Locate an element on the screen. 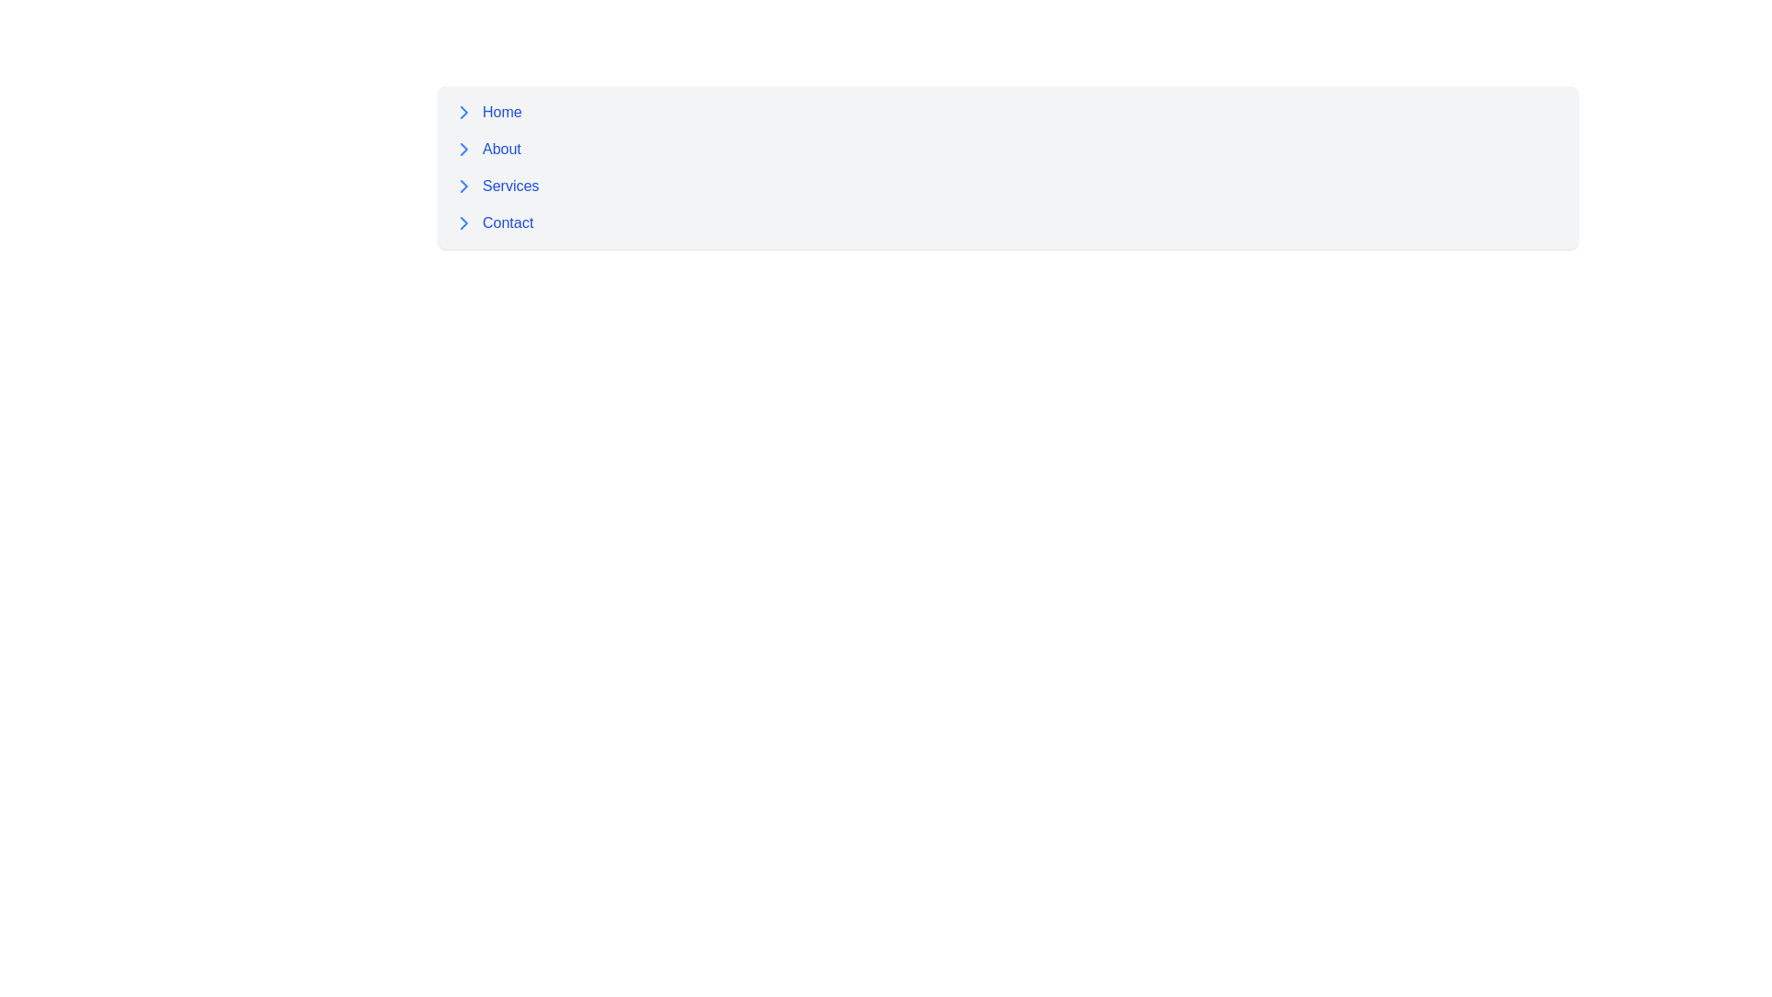  the blue rightward-pointing chevron icon located to the left of the 'Home' text label is located at coordinates (464, 113).